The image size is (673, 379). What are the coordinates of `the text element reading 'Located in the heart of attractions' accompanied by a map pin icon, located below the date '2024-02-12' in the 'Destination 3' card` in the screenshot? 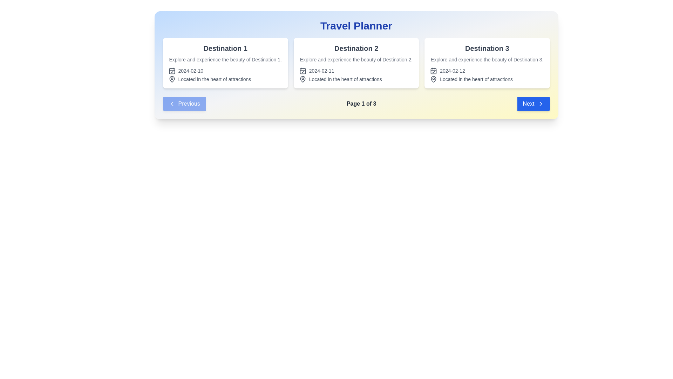 It's located at (487, 79).